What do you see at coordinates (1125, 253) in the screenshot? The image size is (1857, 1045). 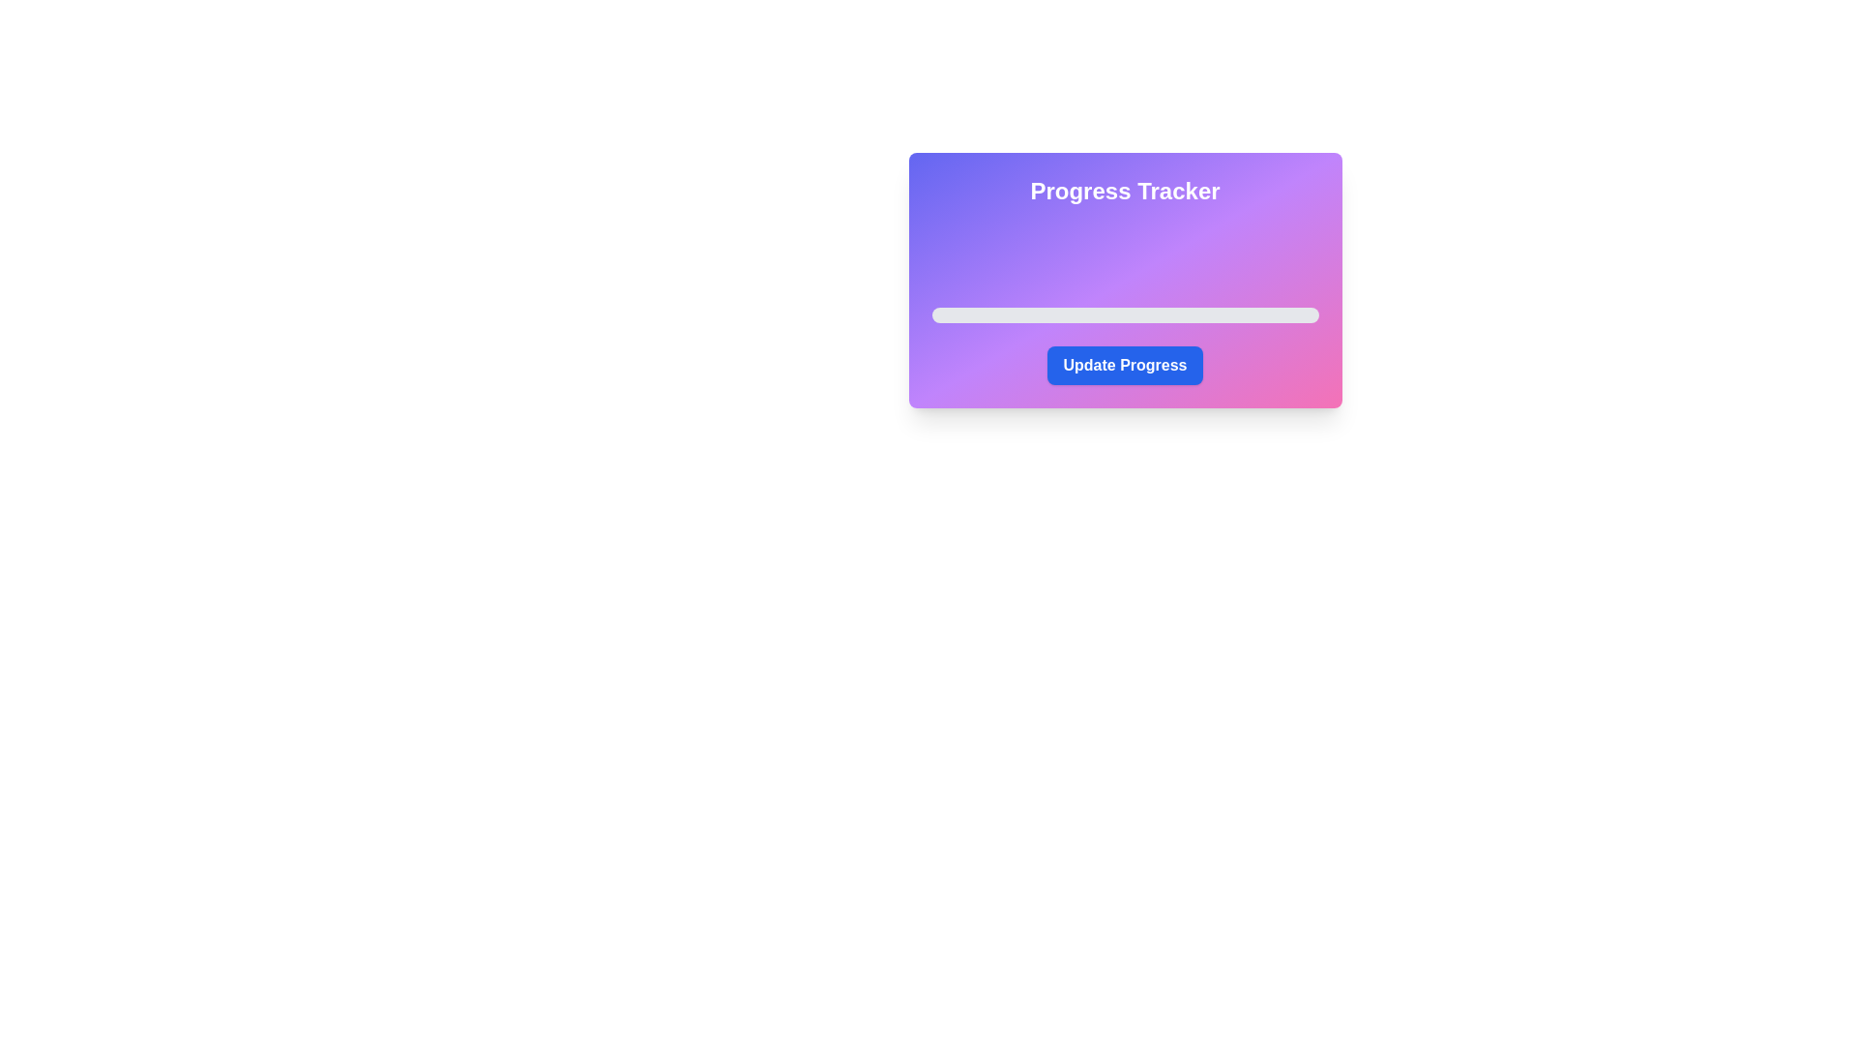 I see `the circular progress indicator with a dashed outline` at bounding box center [1125, 253].